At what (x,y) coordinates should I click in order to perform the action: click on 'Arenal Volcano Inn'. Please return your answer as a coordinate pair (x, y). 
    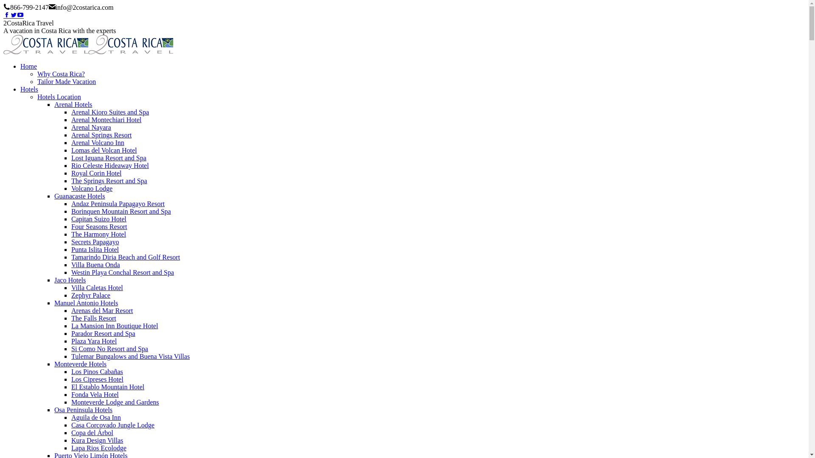
    Looking at the image, I should click on (98, 142).